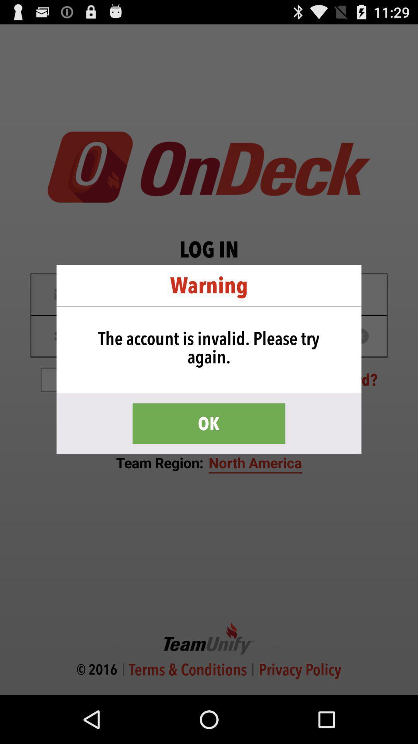  Describe the element at coordinates (208, 423) in the screenshot. I see `ok` at that location.